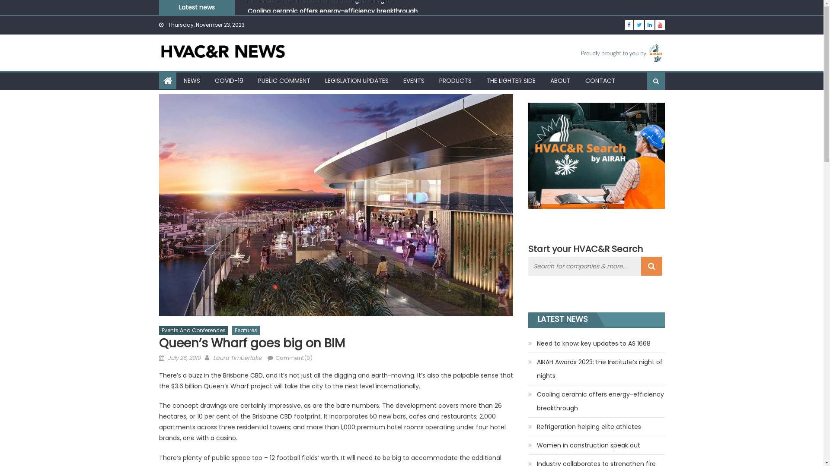 This screenshot has height=466, width=830. What do you see at coordinates (584, 445) in the screenshot?
I see `'Women in construction speak out'` at bounding box center [584, 445].